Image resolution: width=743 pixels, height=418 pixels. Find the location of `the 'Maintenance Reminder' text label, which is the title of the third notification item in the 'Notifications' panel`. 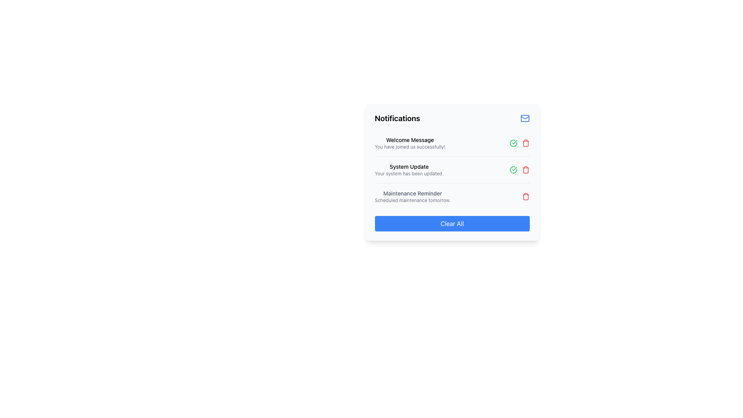

the 'Maintenance Reminder' text label, which is the title of the third notification item in the 'Notifications' panel is located at coordinates (412, 193).